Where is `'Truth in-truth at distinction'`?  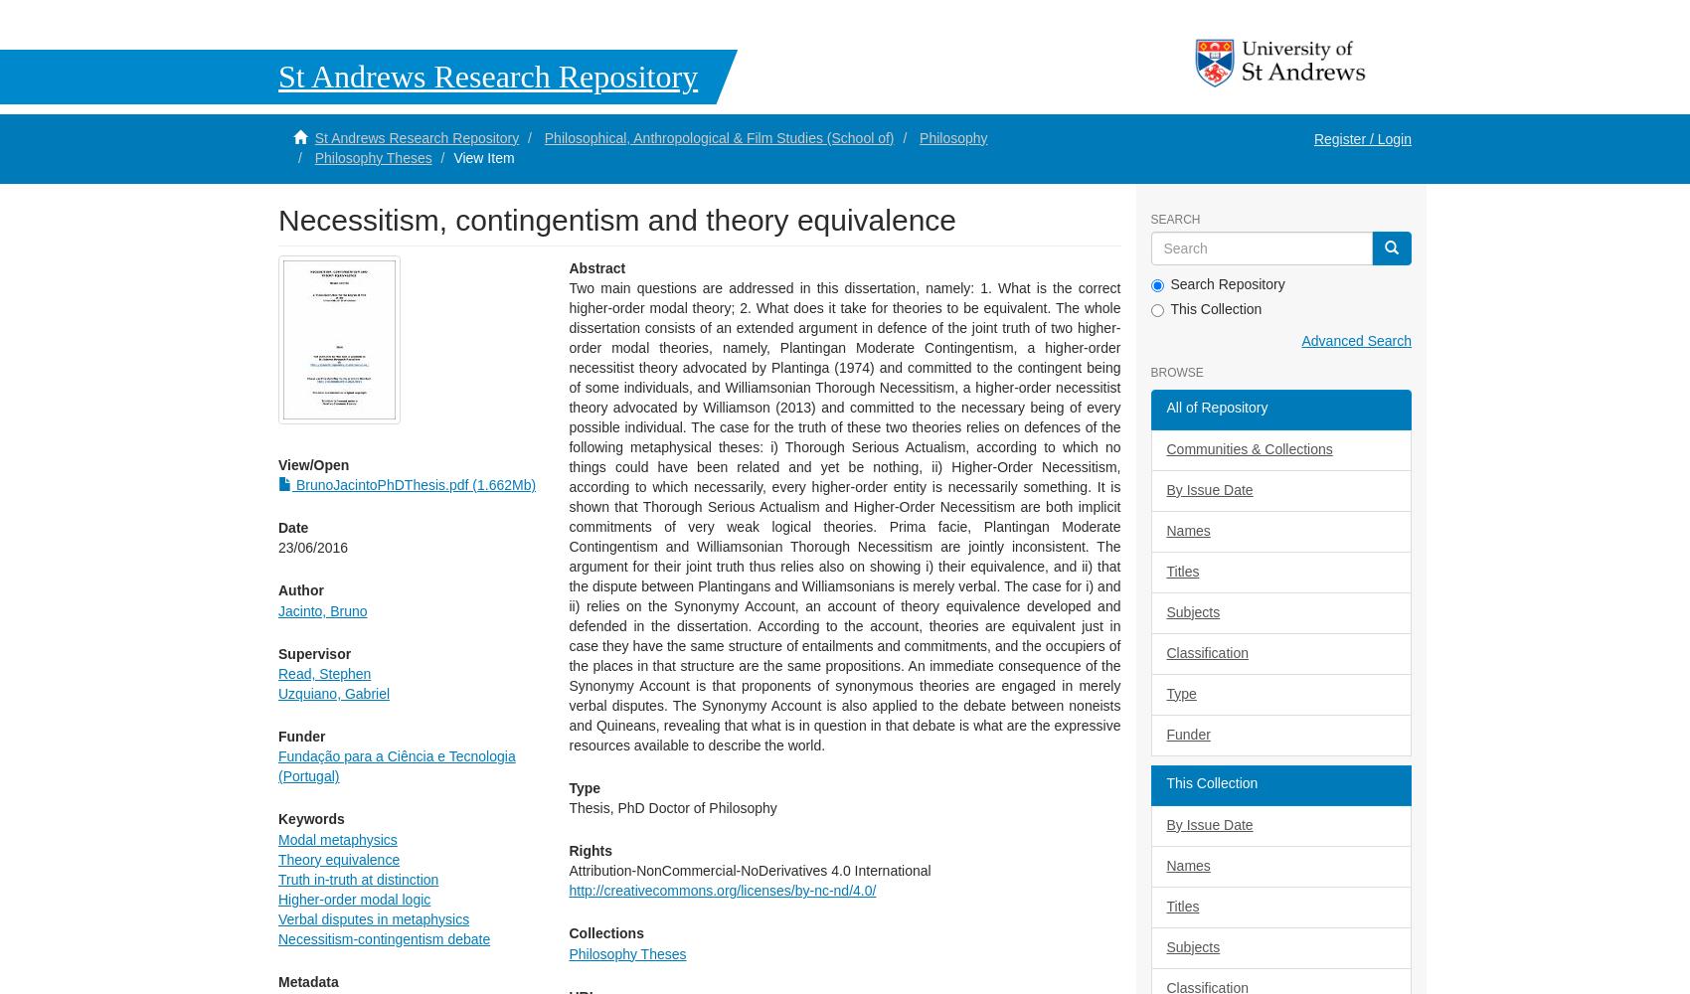
'Truth in-truth at distinction' is located at coordinates (357, 879).